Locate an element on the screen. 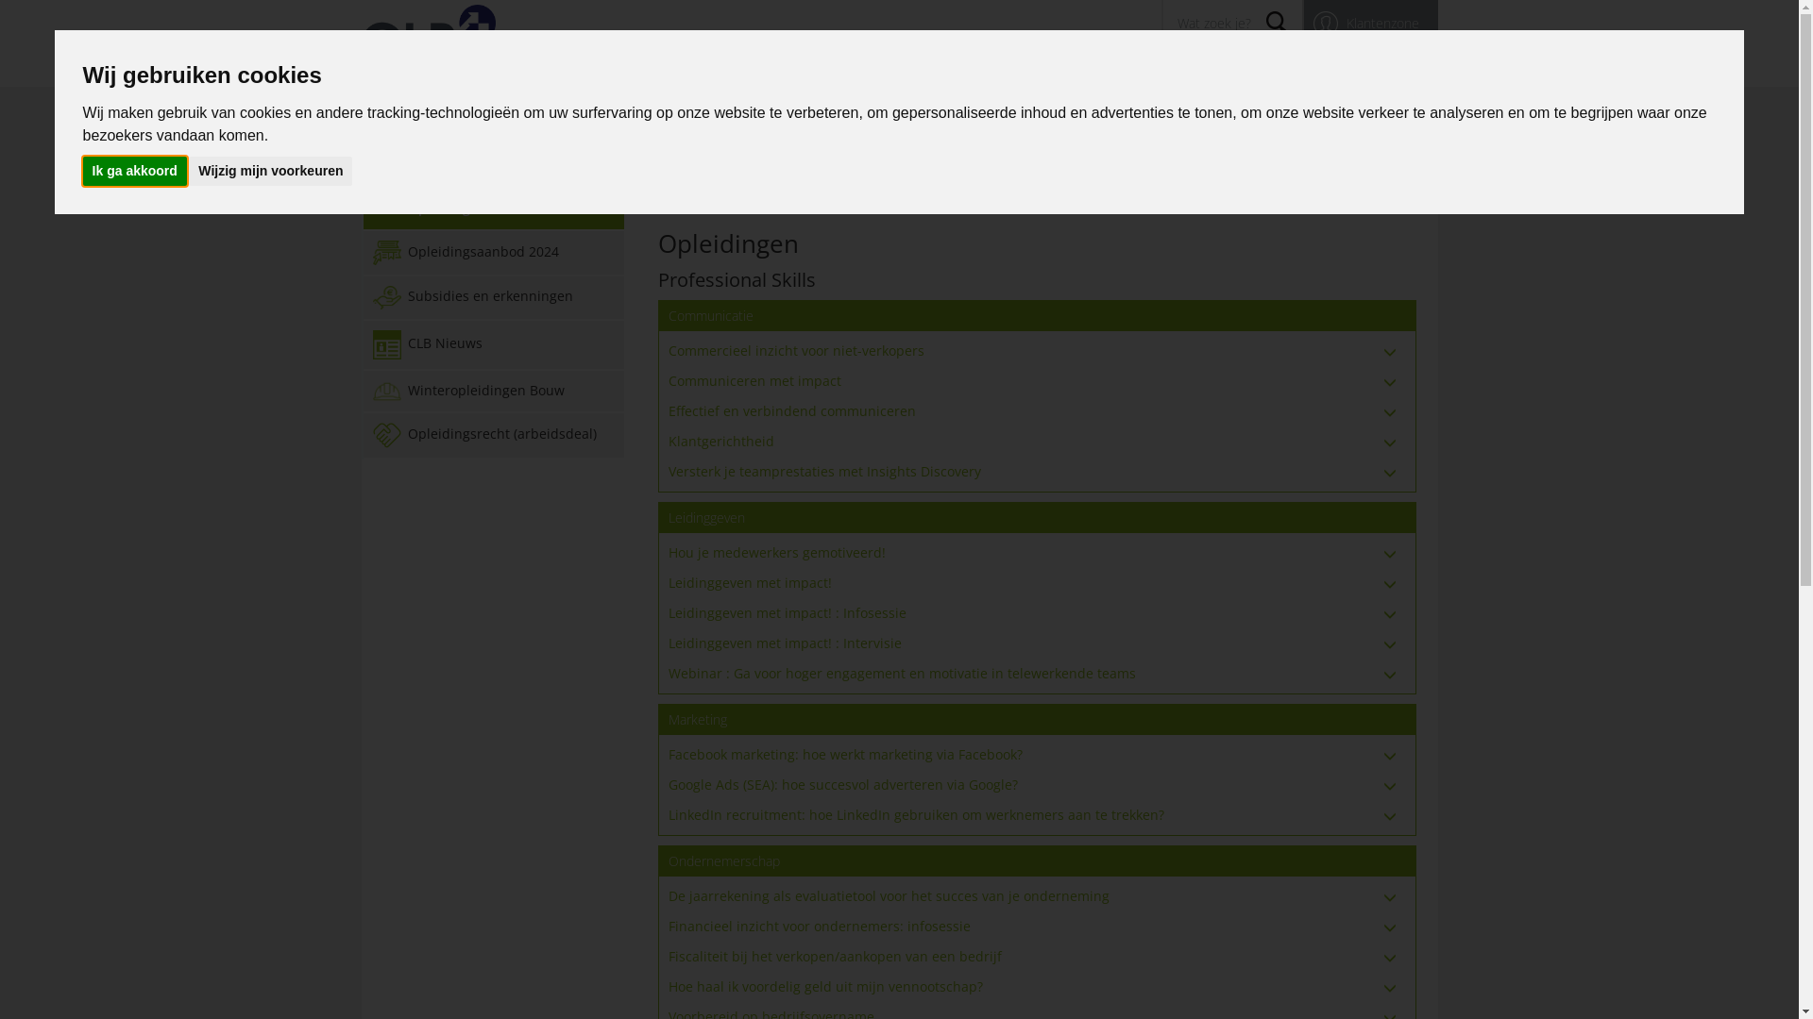 The image size is (1813, 1019). 'Subsidies en erkenningen' is located at coordinates (493, 297).